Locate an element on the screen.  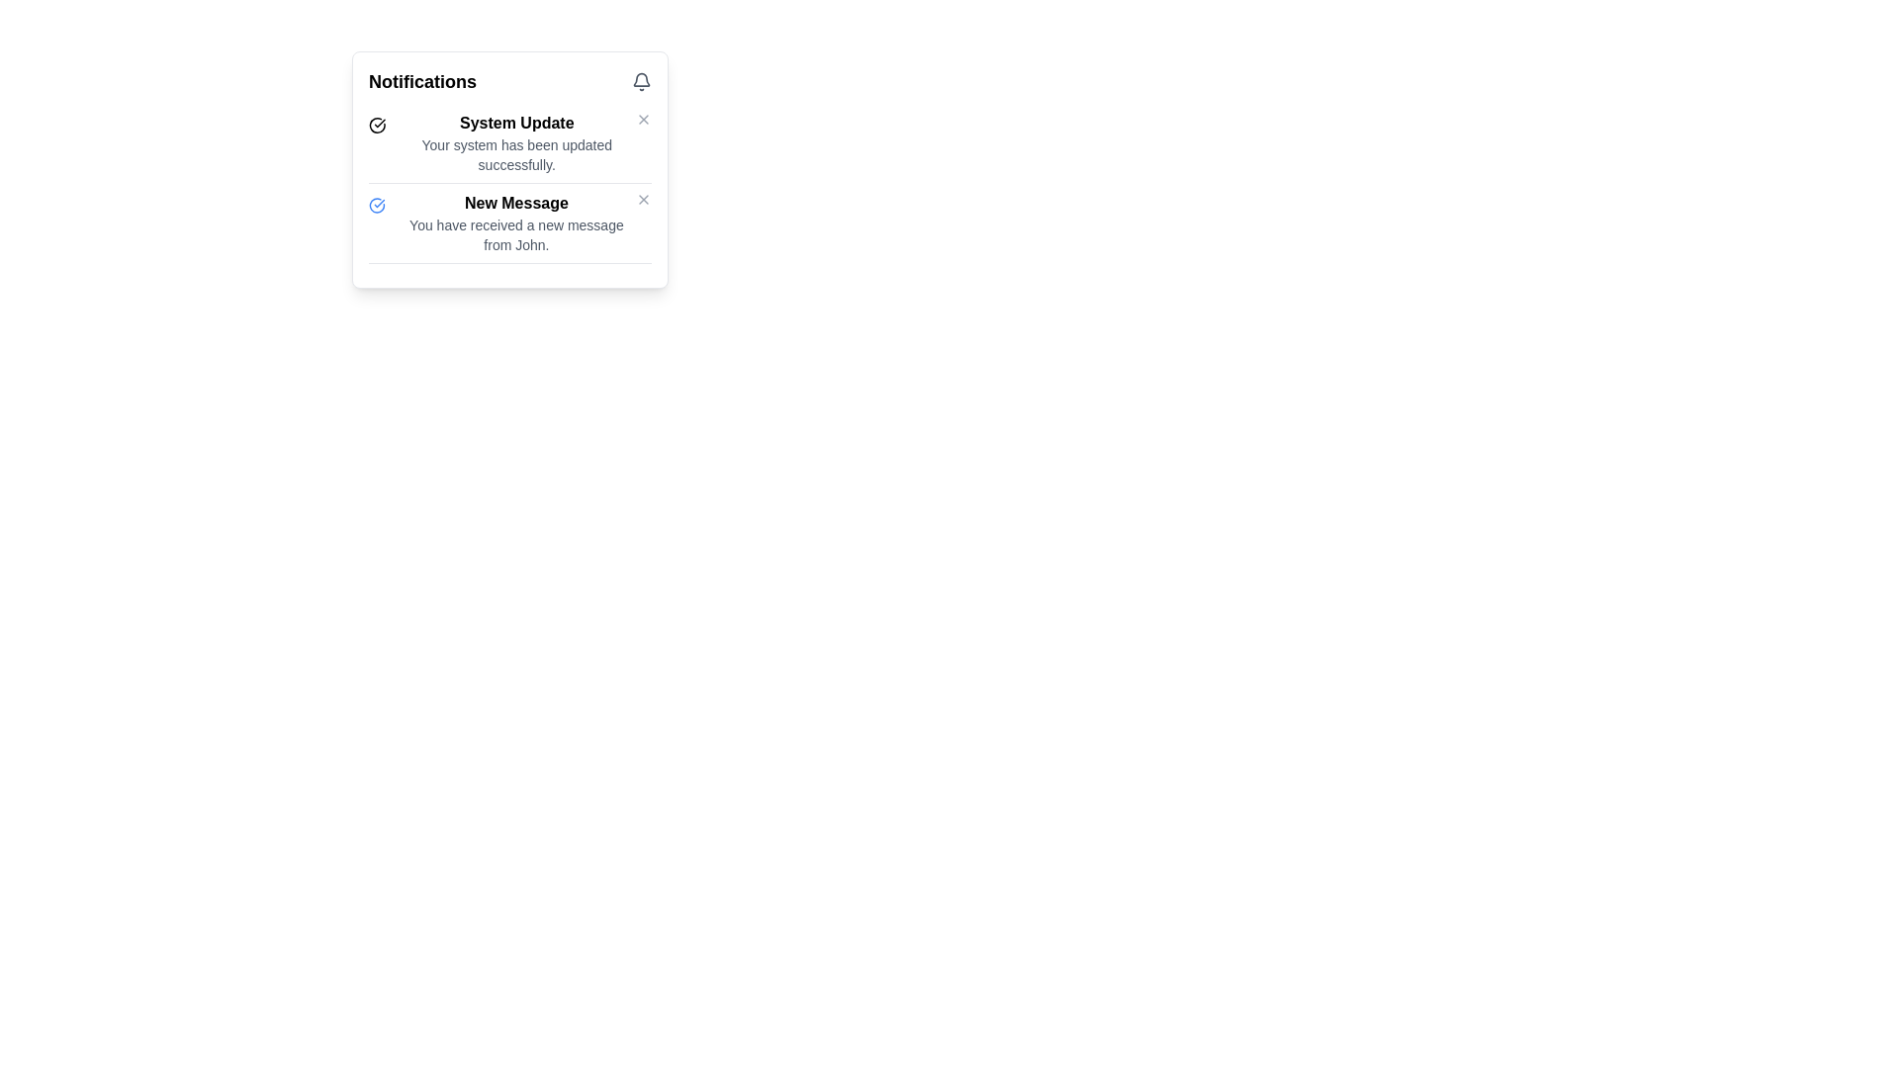
the dismiss button located at the far right of the 'System Update' notification is located at coordinates (644, 119).